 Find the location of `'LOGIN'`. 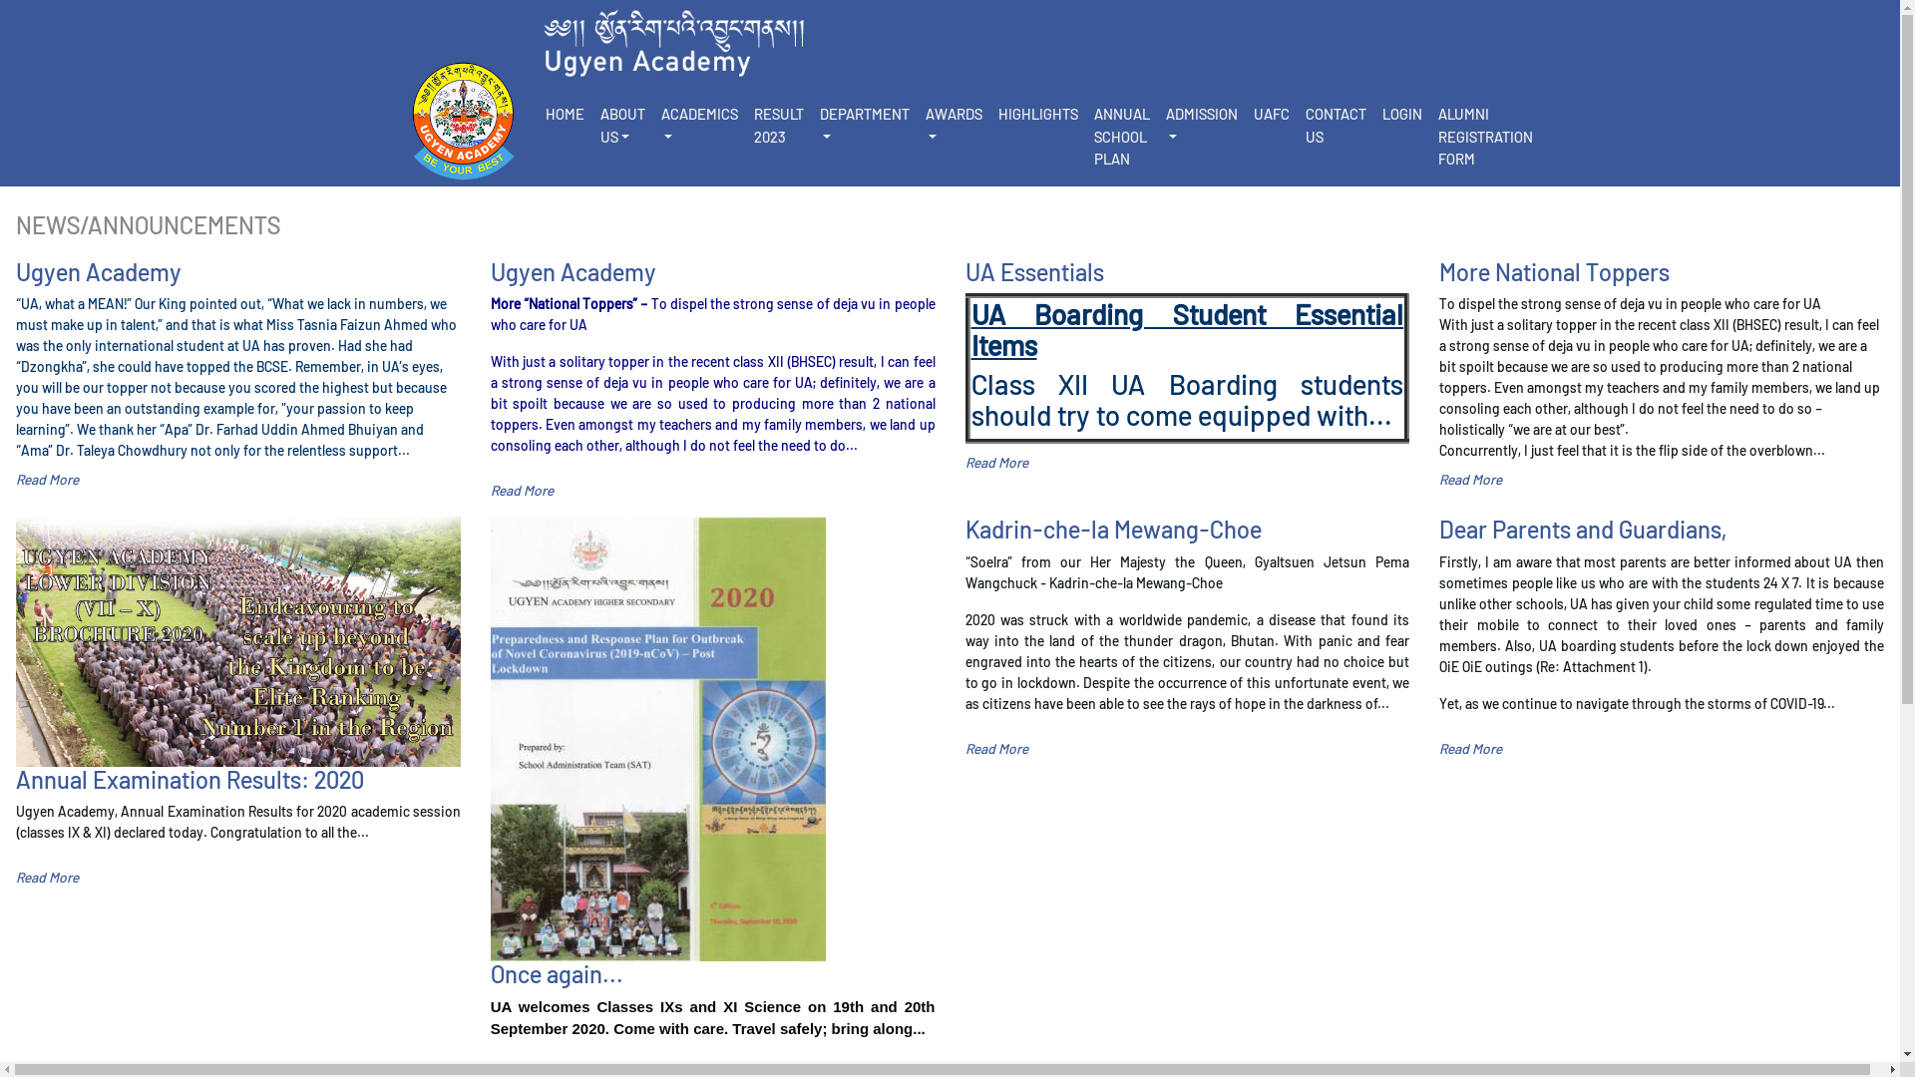

'LOGIN' is located at coordinates (1401, 114).